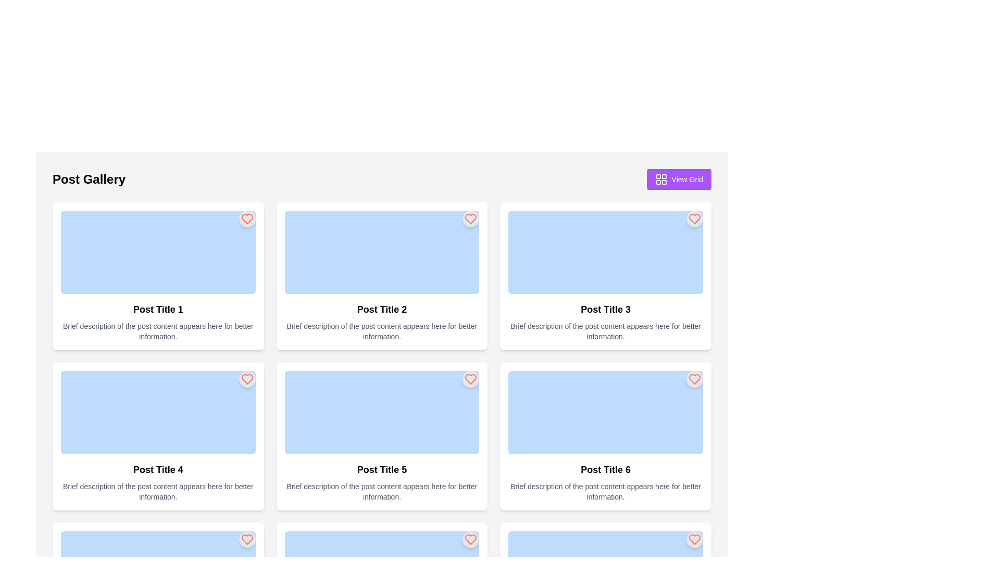 The image size is (1000, 562). What do you see at coordinates (157, 331) in the screenshot?
I see `the text block located at the bottom of the card containing the post preview titled 'Post Title 1'` at bounding box center [157, 331].